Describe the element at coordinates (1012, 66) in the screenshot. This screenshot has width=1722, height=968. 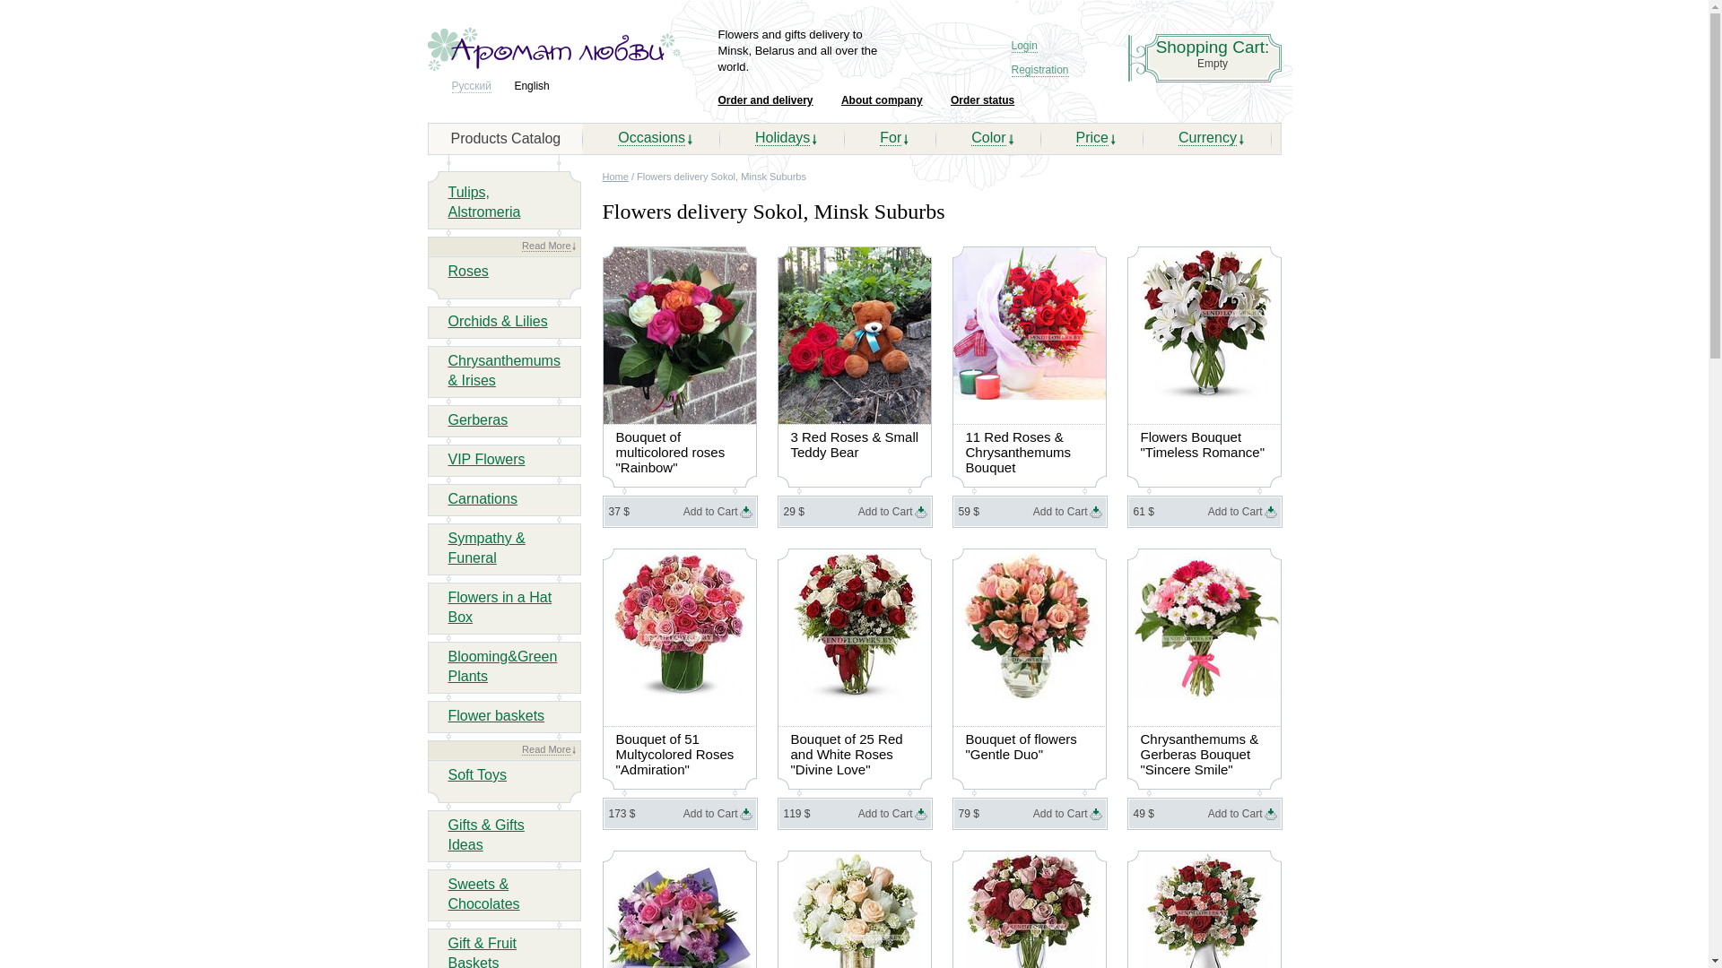
I see `'Registration'` at that location.